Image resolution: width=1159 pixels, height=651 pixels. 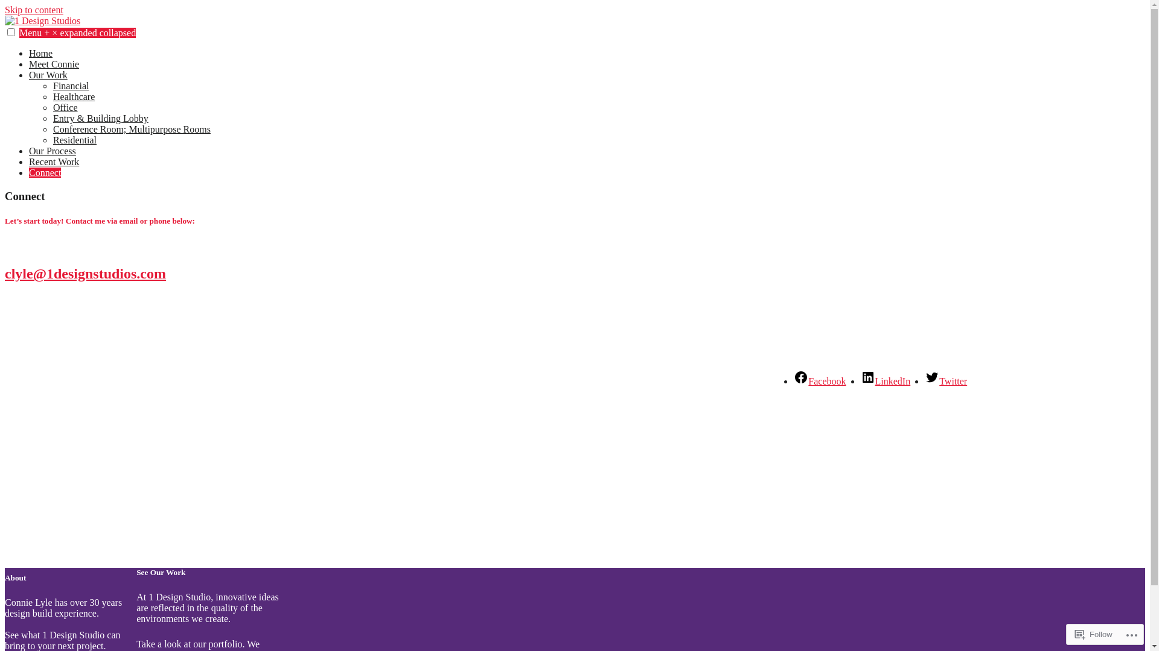 What do you see at coordinates (40, 52) in the screenshot?
I see `'Home'` at bounding box center [40, 52].